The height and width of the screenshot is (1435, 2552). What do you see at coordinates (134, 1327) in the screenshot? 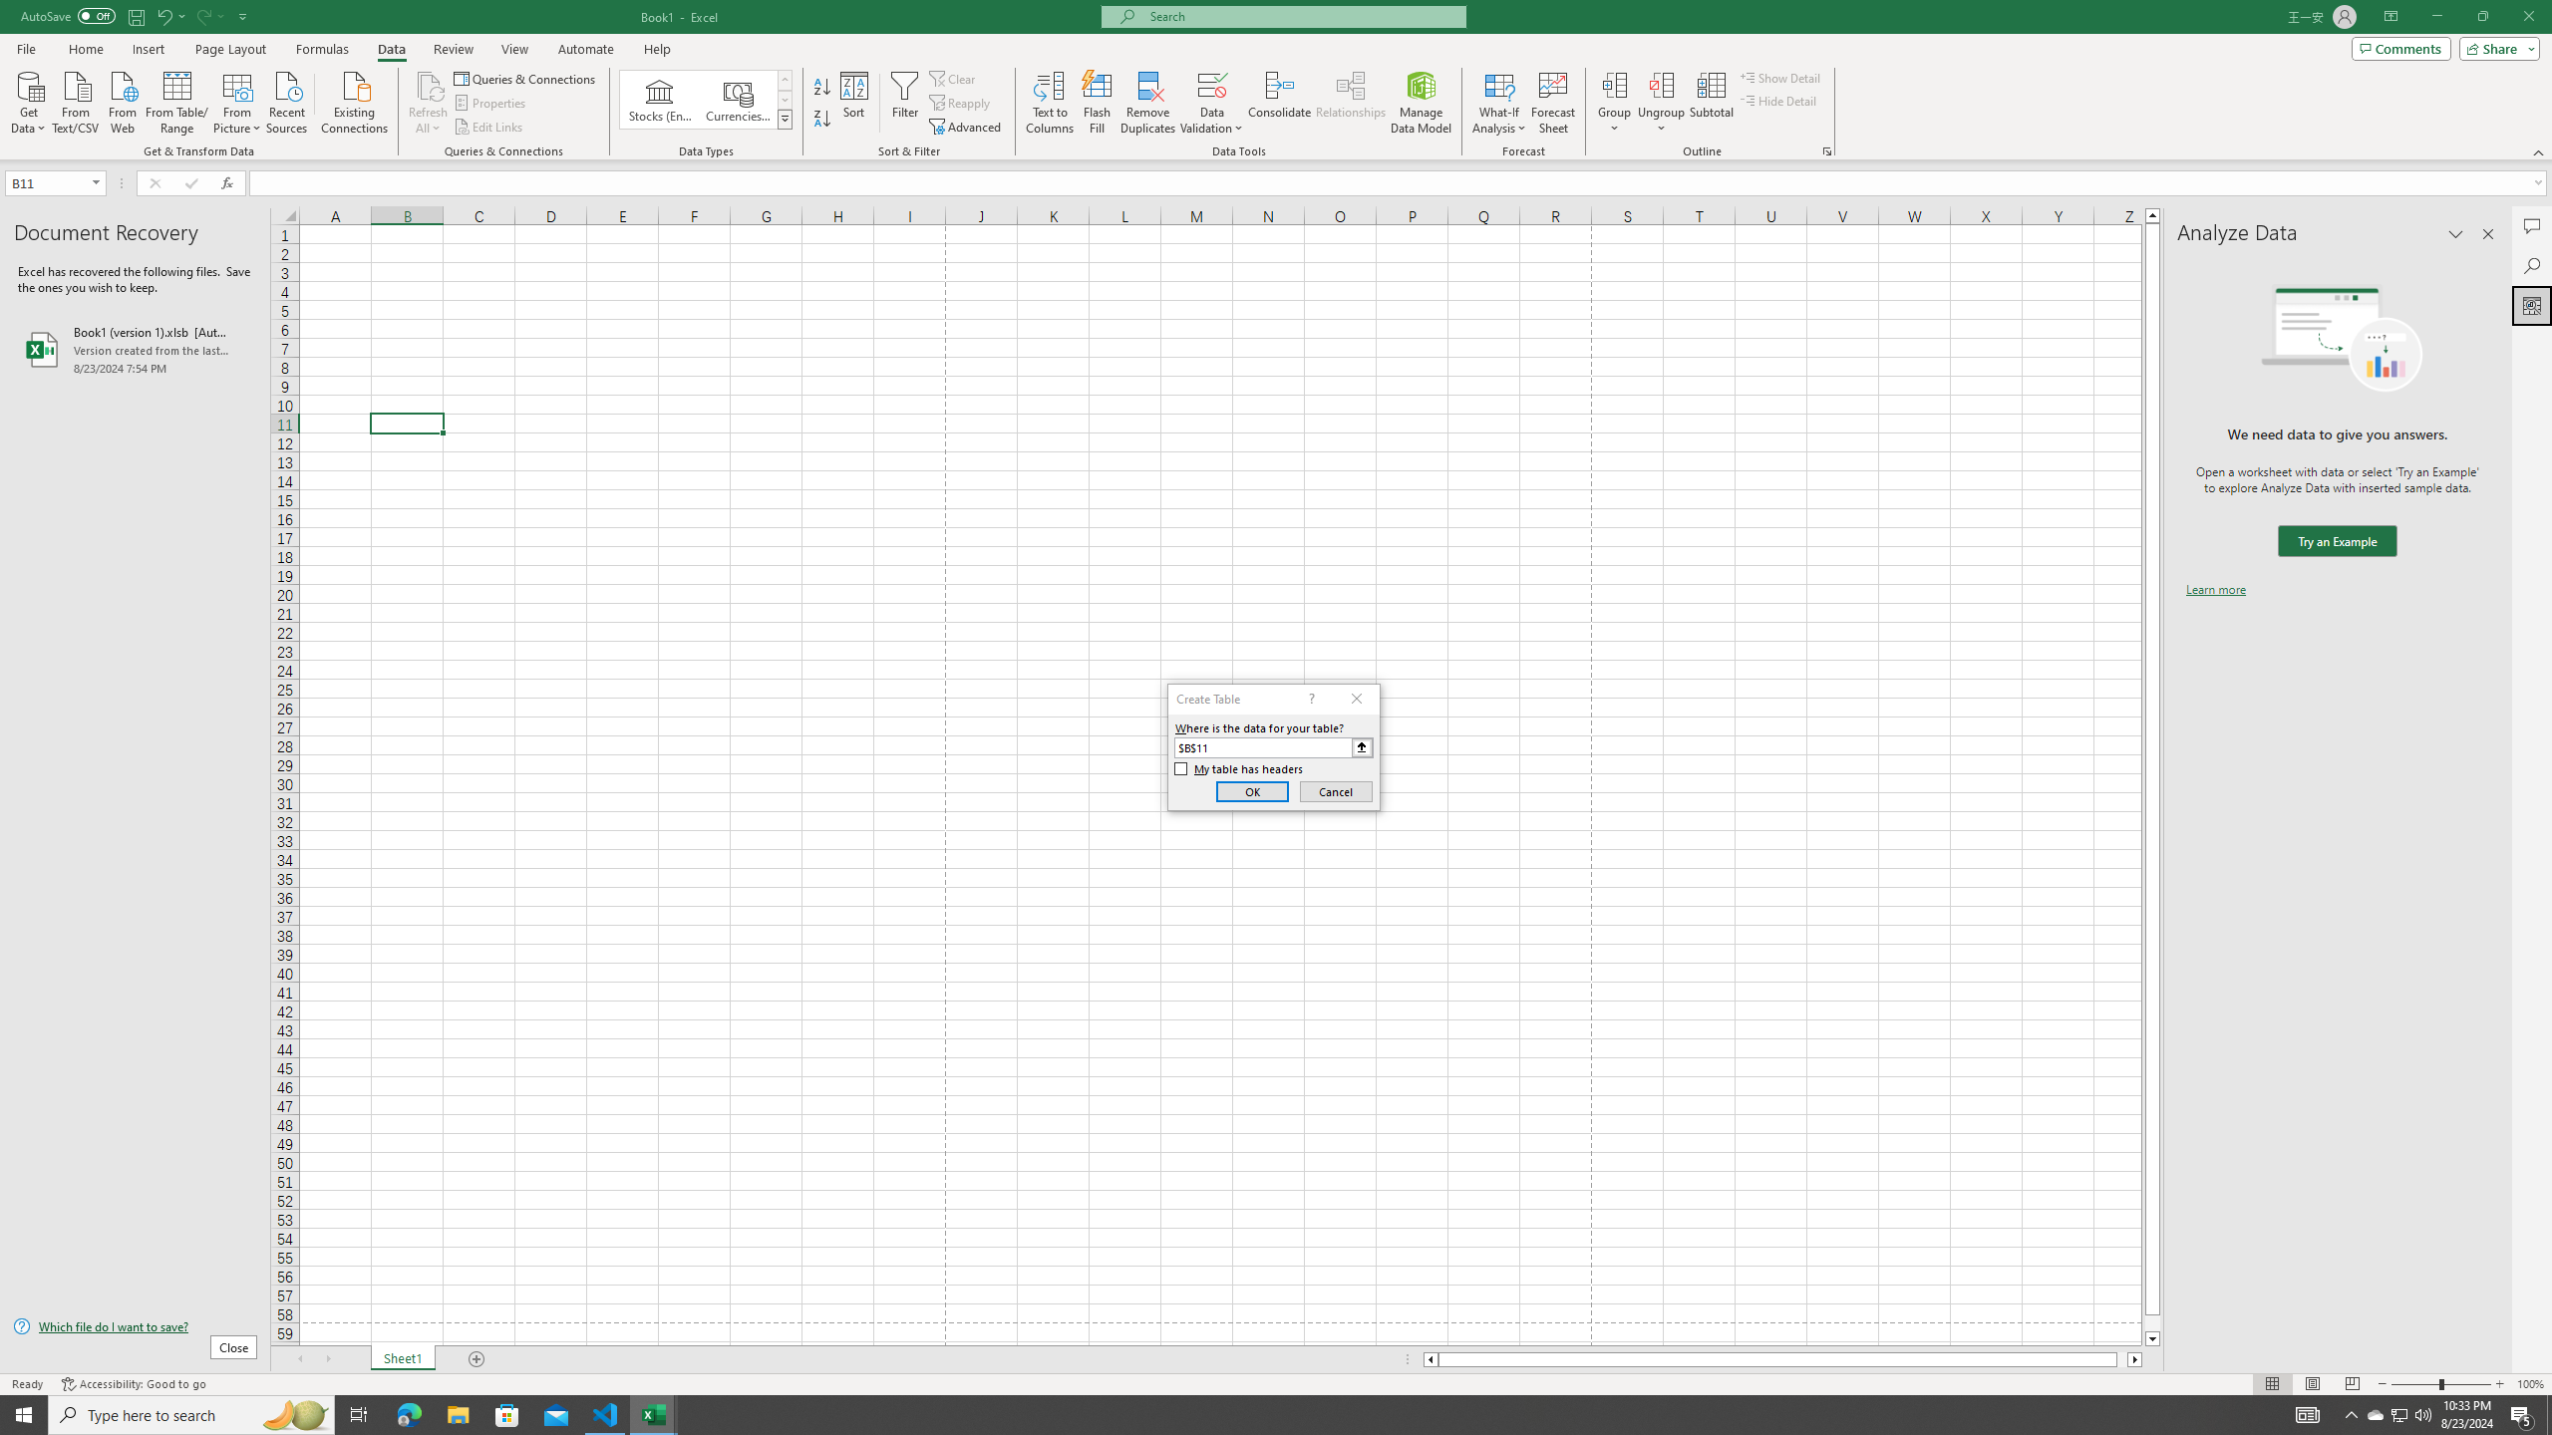
I see `'Which file do I want to save?'` at bounding box center [134, 1327].